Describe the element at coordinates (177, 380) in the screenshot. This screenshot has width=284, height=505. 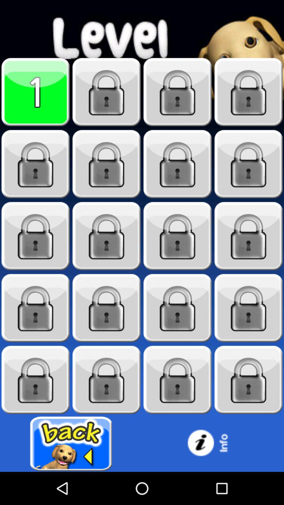
I see `unlock` at that location.